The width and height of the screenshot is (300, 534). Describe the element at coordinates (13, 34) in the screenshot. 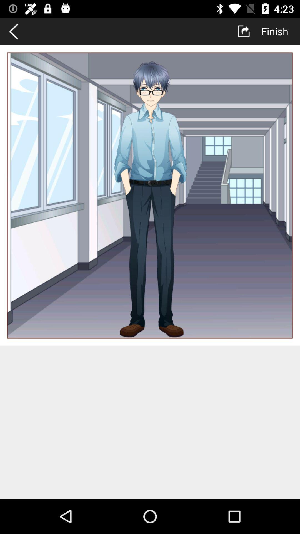

I see `the arrow_backward icon` at that location.